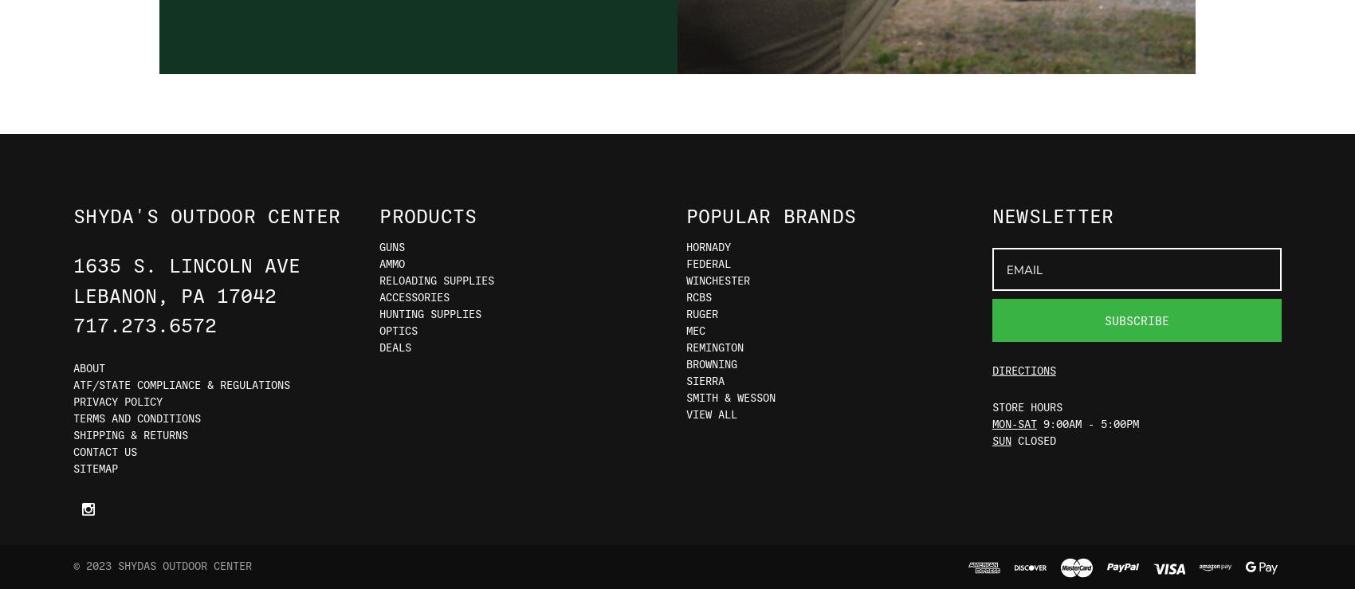 Image resolution: width=1355 pixels, height=589 pixels. Describe the element at coordinates (162, 564) in the screenshot. I see `'© 2023 Shydas Outdoor Center'` at that location.